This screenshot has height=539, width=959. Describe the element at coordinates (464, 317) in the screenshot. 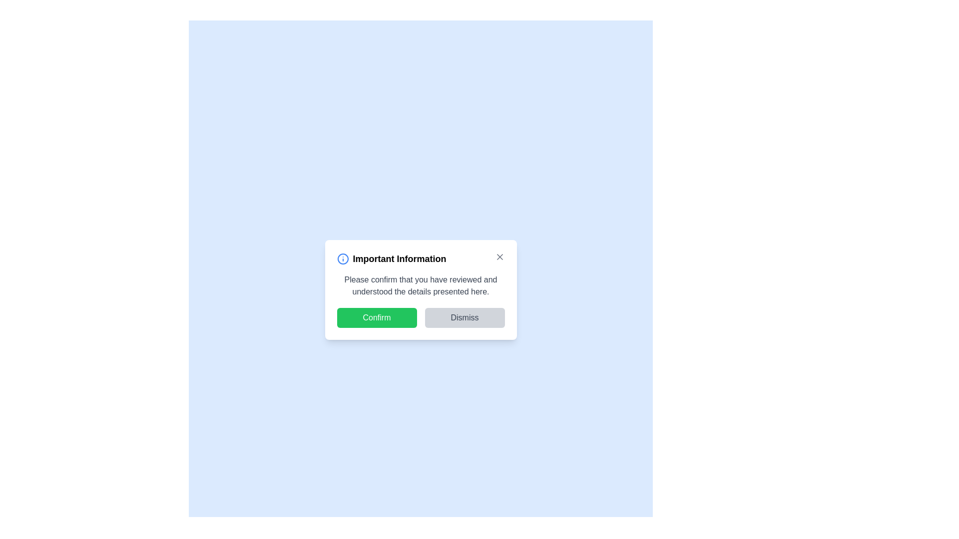

I see `the 'Dismiss' button, which is a rectangular button with a gray background and medium-sized black text, located on the right side of the button group below the modal dialog` at that location.